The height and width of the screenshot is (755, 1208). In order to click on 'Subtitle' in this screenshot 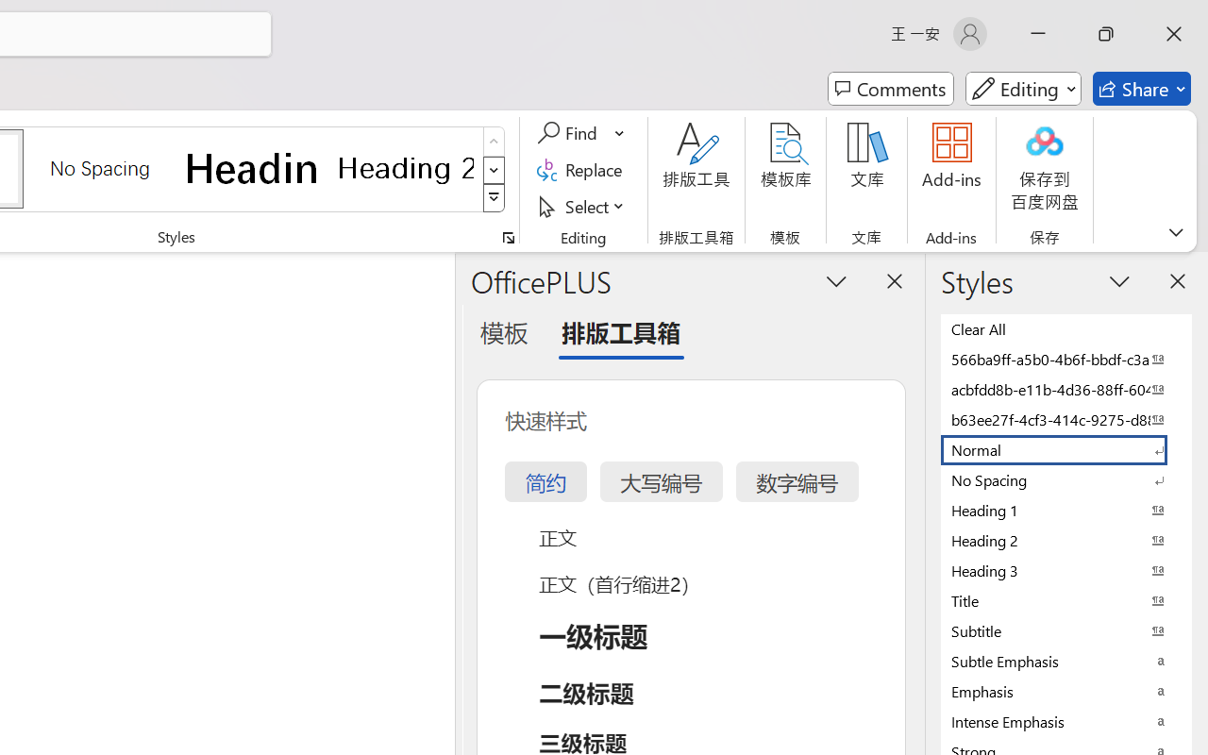, I will do `click(1066, 630)`.